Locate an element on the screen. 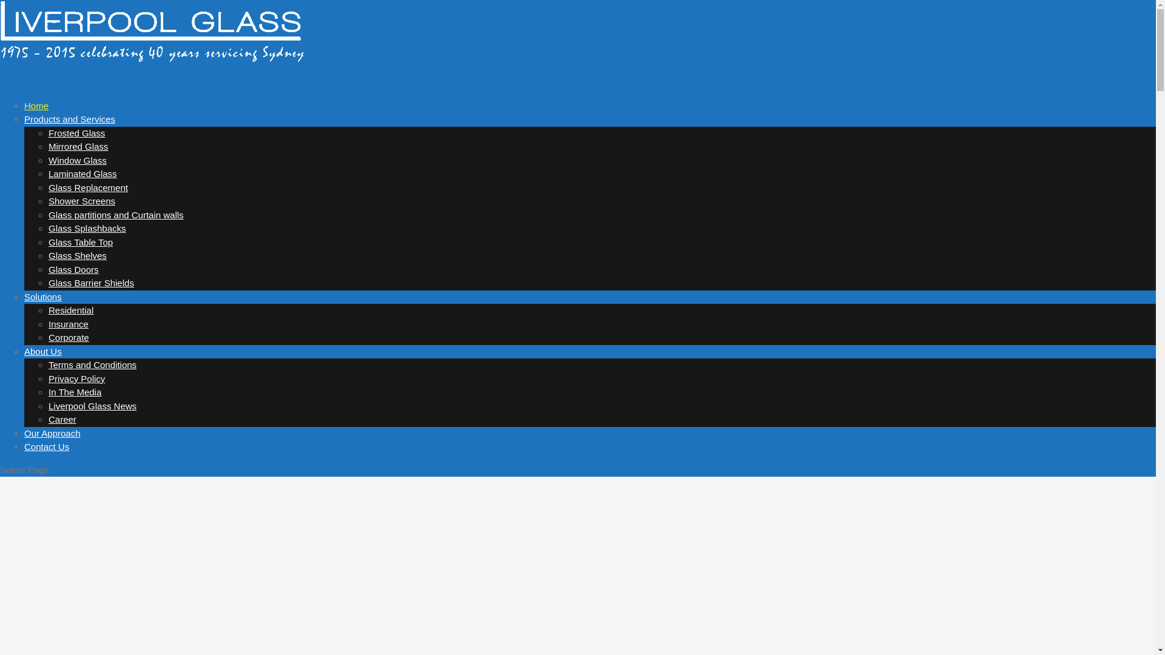  'Home' is located at coordinates (36, 118).